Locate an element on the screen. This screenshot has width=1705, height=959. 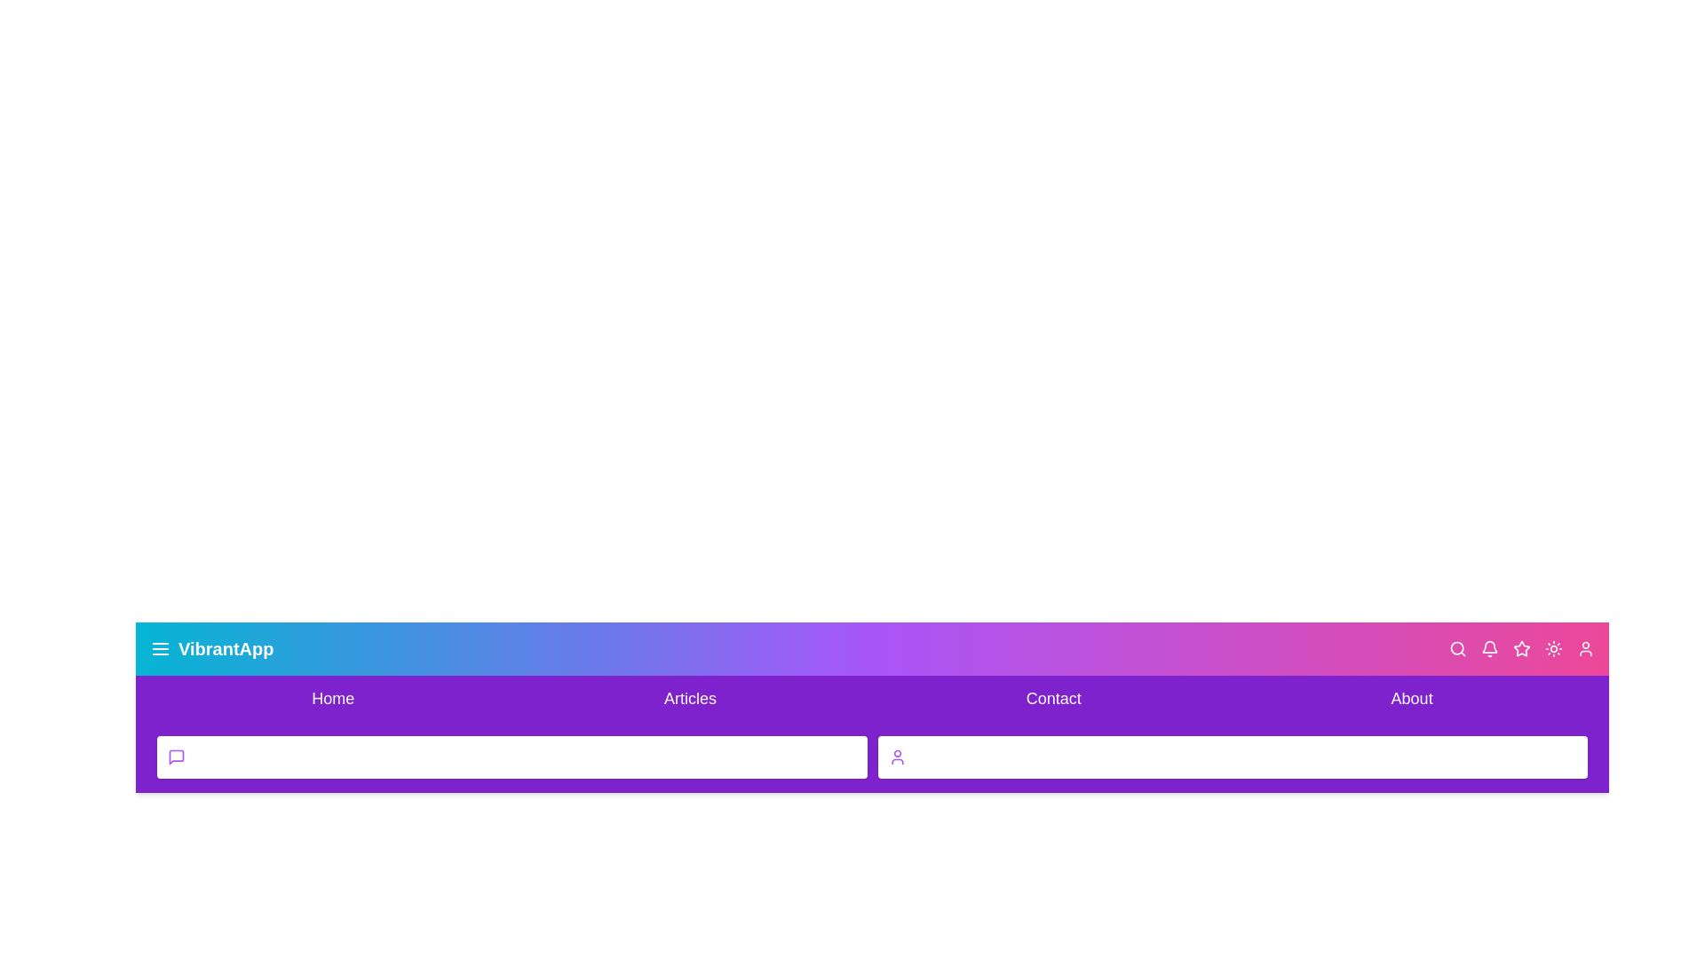
the call-to-action element Connect Profile in the menu is located at coordinates (1232, 757).